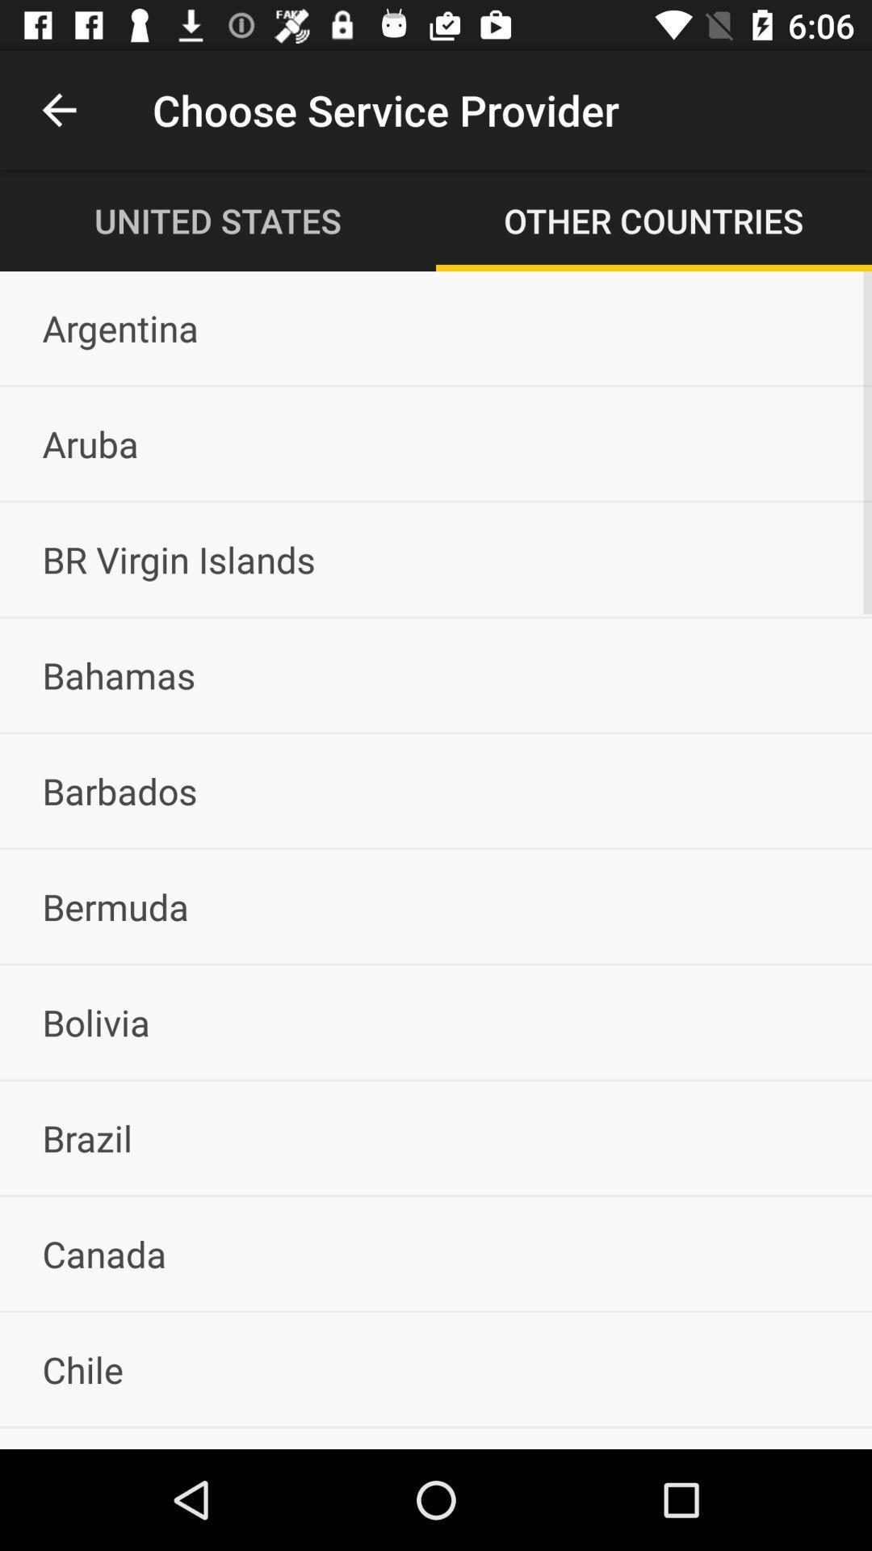 Image resolution: width=872 pixels, height=1551 pixels. I want to click on the aruba item, so click(436, 443).